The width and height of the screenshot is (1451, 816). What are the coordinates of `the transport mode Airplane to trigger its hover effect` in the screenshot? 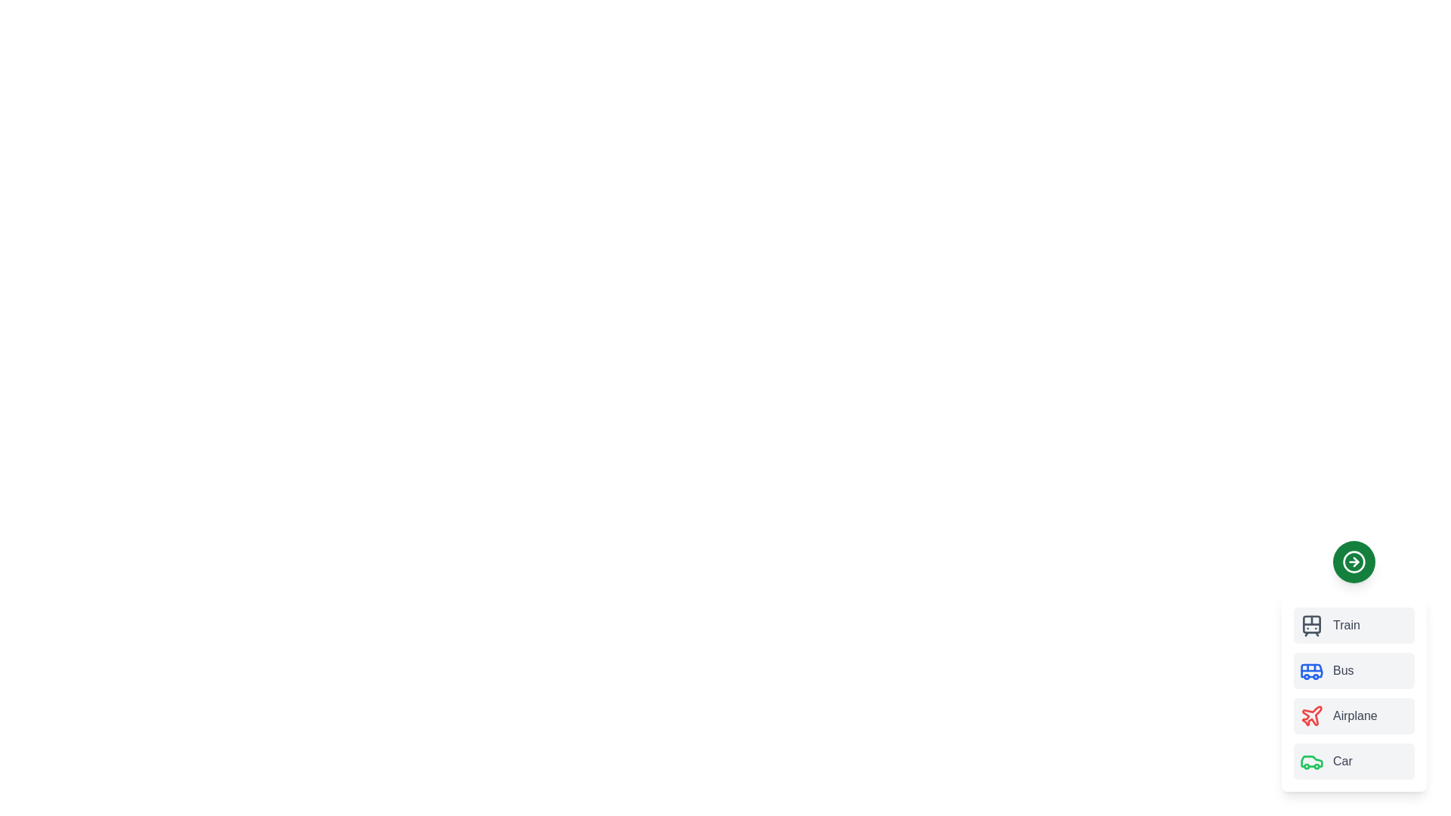 It's located at (1354, 716).